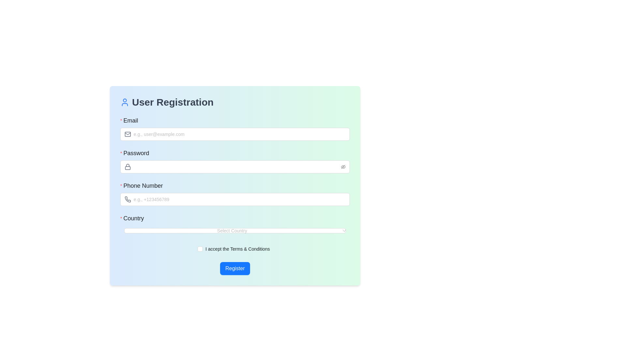 This screenshot has width=626, height=352. Describe the element at coordinates (343, 167) in the screenshot. I see `the eye-invisible icon button located at the rightmost end of the password input field` at that location.